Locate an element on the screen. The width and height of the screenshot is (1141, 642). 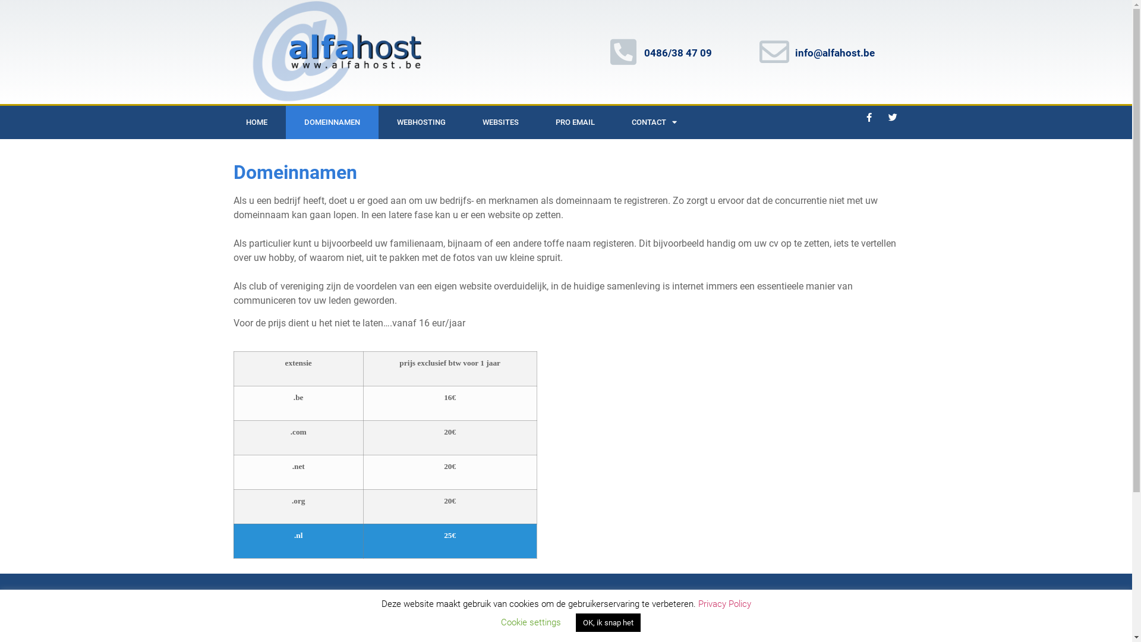
'HOME' is located at coordinates (256, 122).